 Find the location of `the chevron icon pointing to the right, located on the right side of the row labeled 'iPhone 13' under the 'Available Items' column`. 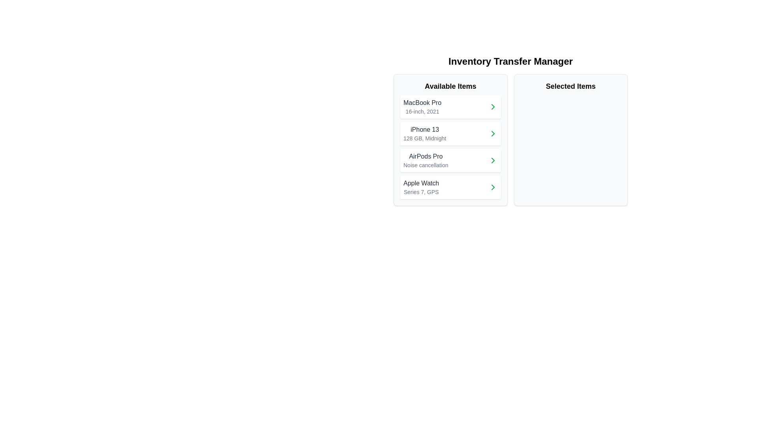

the chevron icon pointing to the right, located on the right side of the row labeled 'iPhone 13' under the 'Available Items' column is located at coordinates (492, 133).